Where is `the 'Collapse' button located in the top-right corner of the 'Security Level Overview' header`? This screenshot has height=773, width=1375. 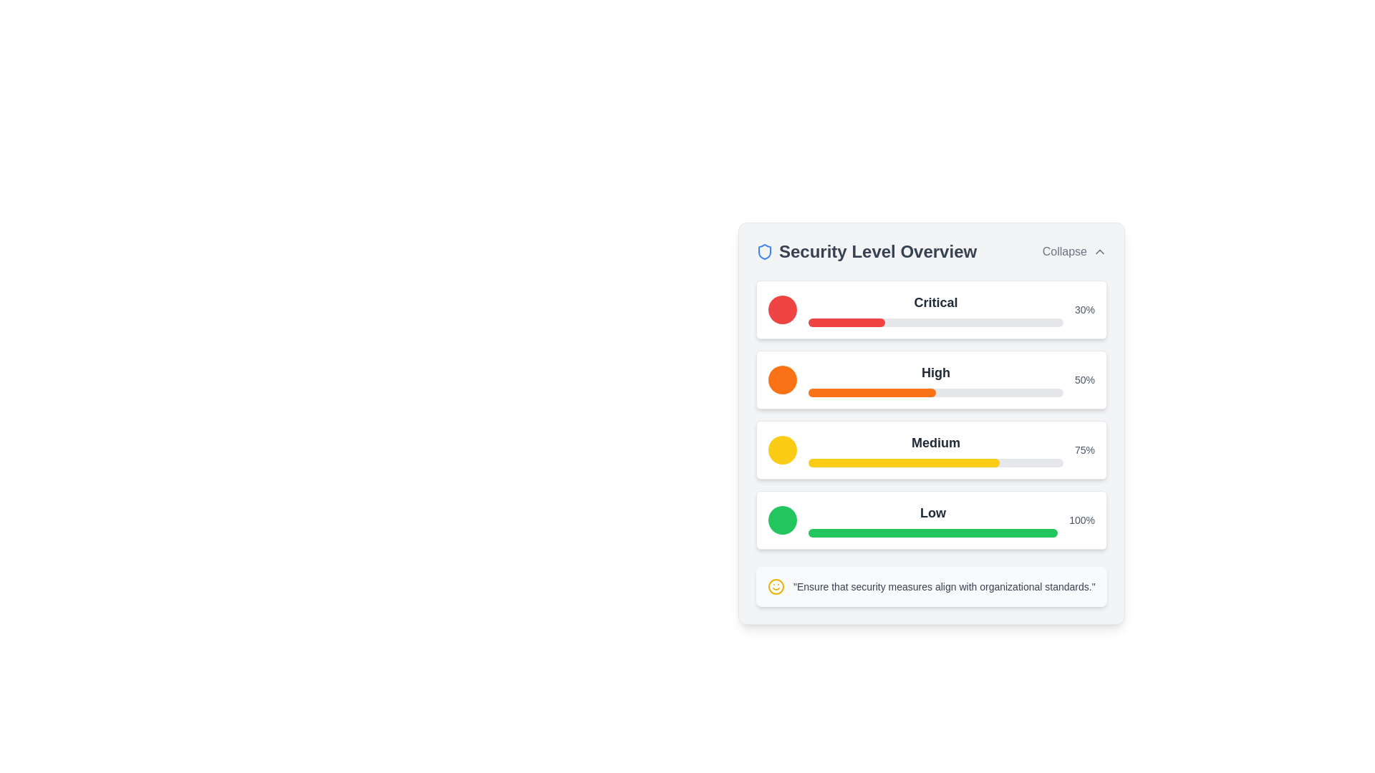 the 'Collapse' button located in the top-right corner of the 'Security Level Overview' header is located at coordinates (1074, 251).